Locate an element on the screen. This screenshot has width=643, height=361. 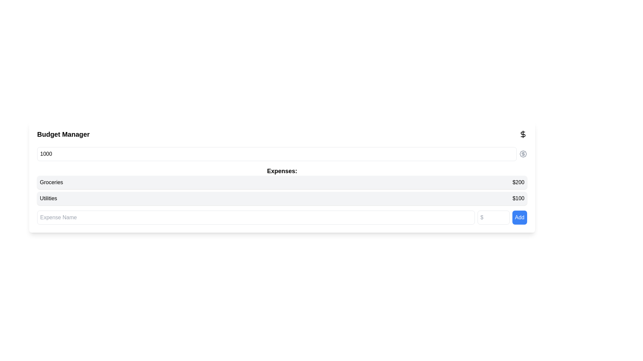
the informational or decorative badge icon located at the far right of the horizontal input field labeled 'Expenses' is located at coordinates (523, 154).